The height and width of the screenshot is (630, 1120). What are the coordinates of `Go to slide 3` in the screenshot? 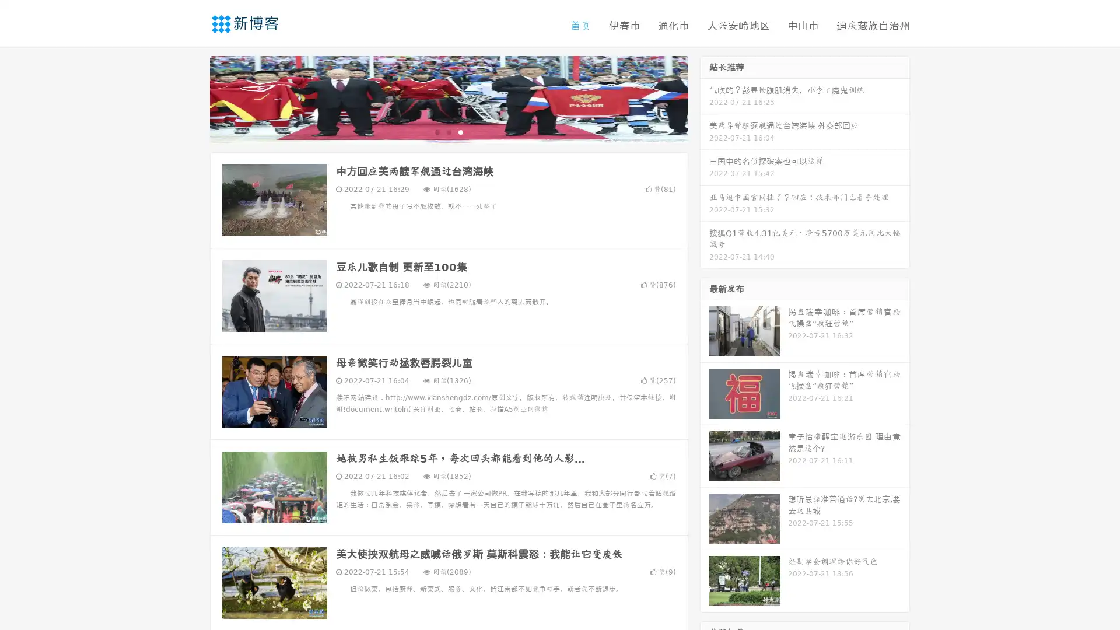 It's located at (460, 131).